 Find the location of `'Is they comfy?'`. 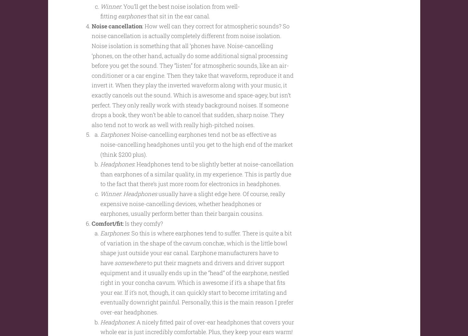

'Is they comfy?' is located at coordinates (143, 235).